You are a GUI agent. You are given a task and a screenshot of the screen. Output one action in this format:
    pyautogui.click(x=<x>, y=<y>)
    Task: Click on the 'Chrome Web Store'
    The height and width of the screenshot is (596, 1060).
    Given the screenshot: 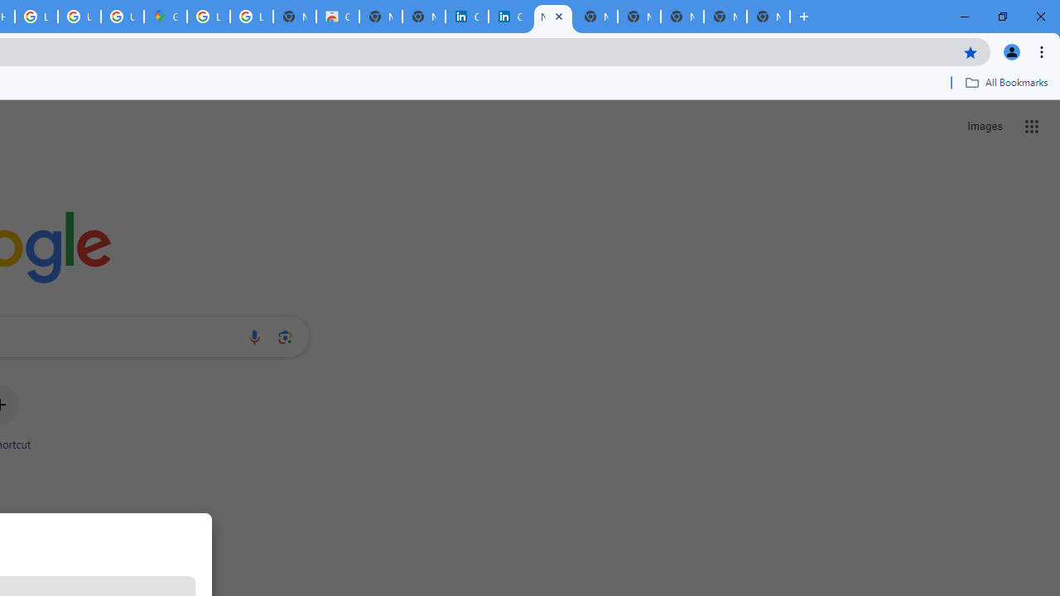 What is the action you would take?
    pyautogui.click(x=336, y=17)
    